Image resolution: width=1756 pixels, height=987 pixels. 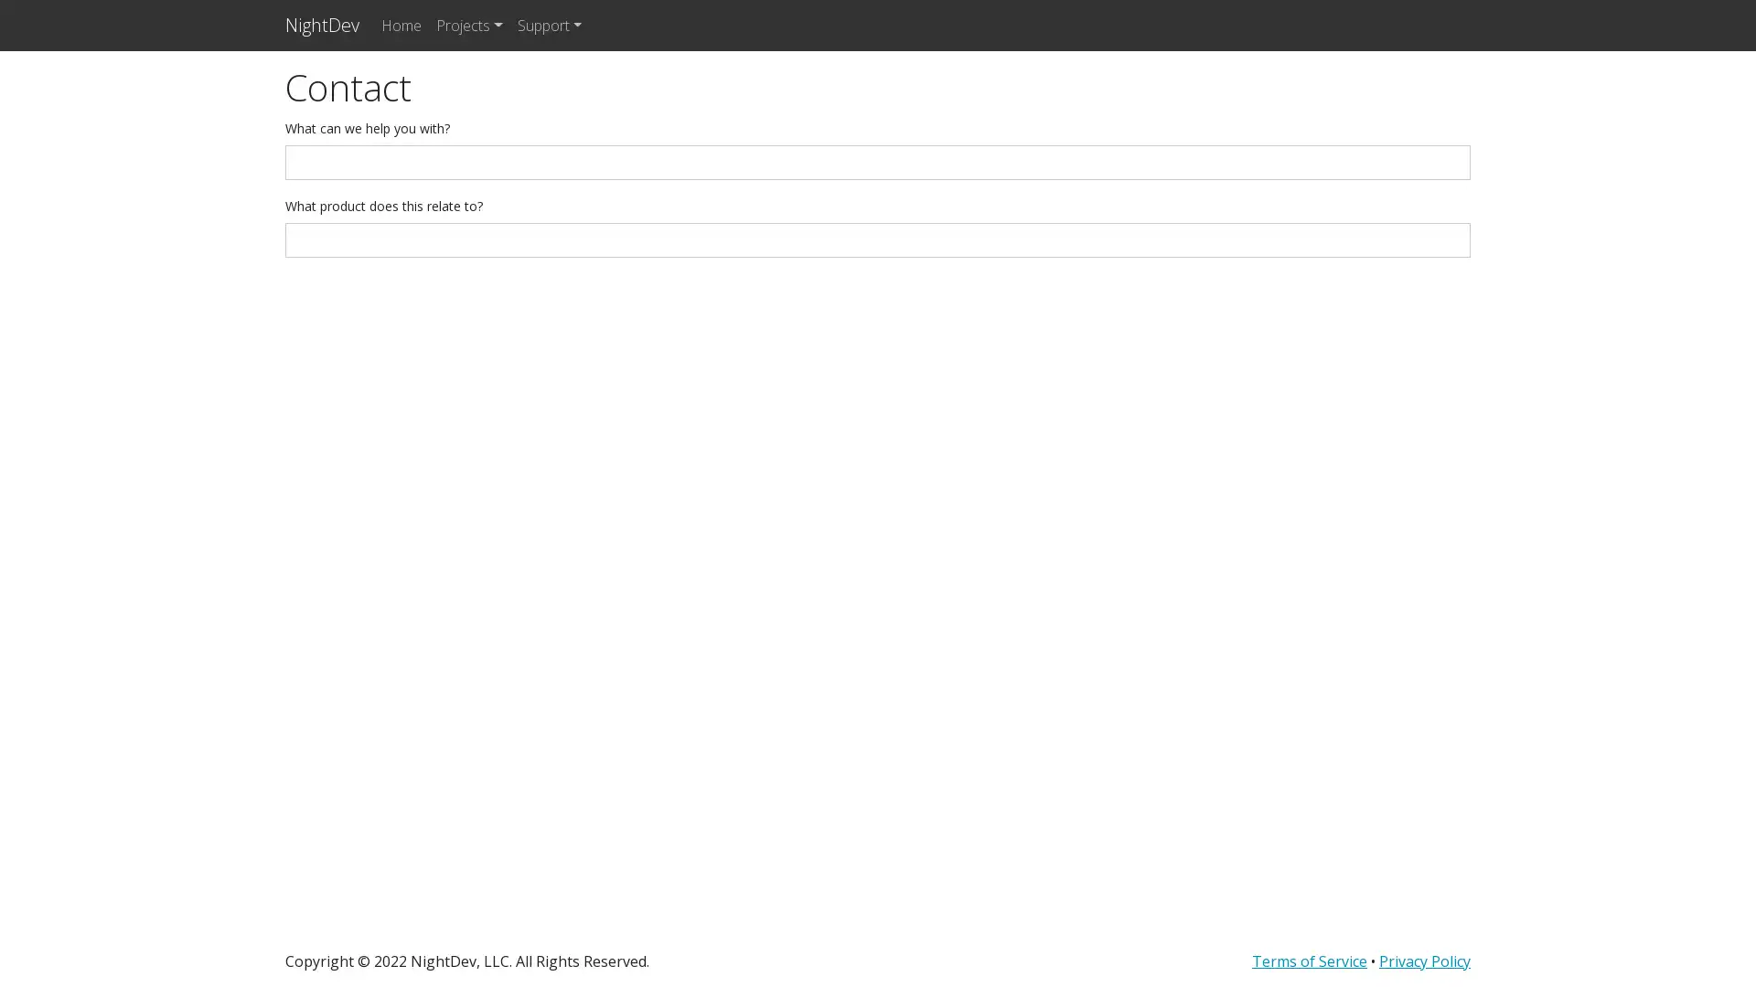 I want to click on Projects, so click(x=469, y=25).